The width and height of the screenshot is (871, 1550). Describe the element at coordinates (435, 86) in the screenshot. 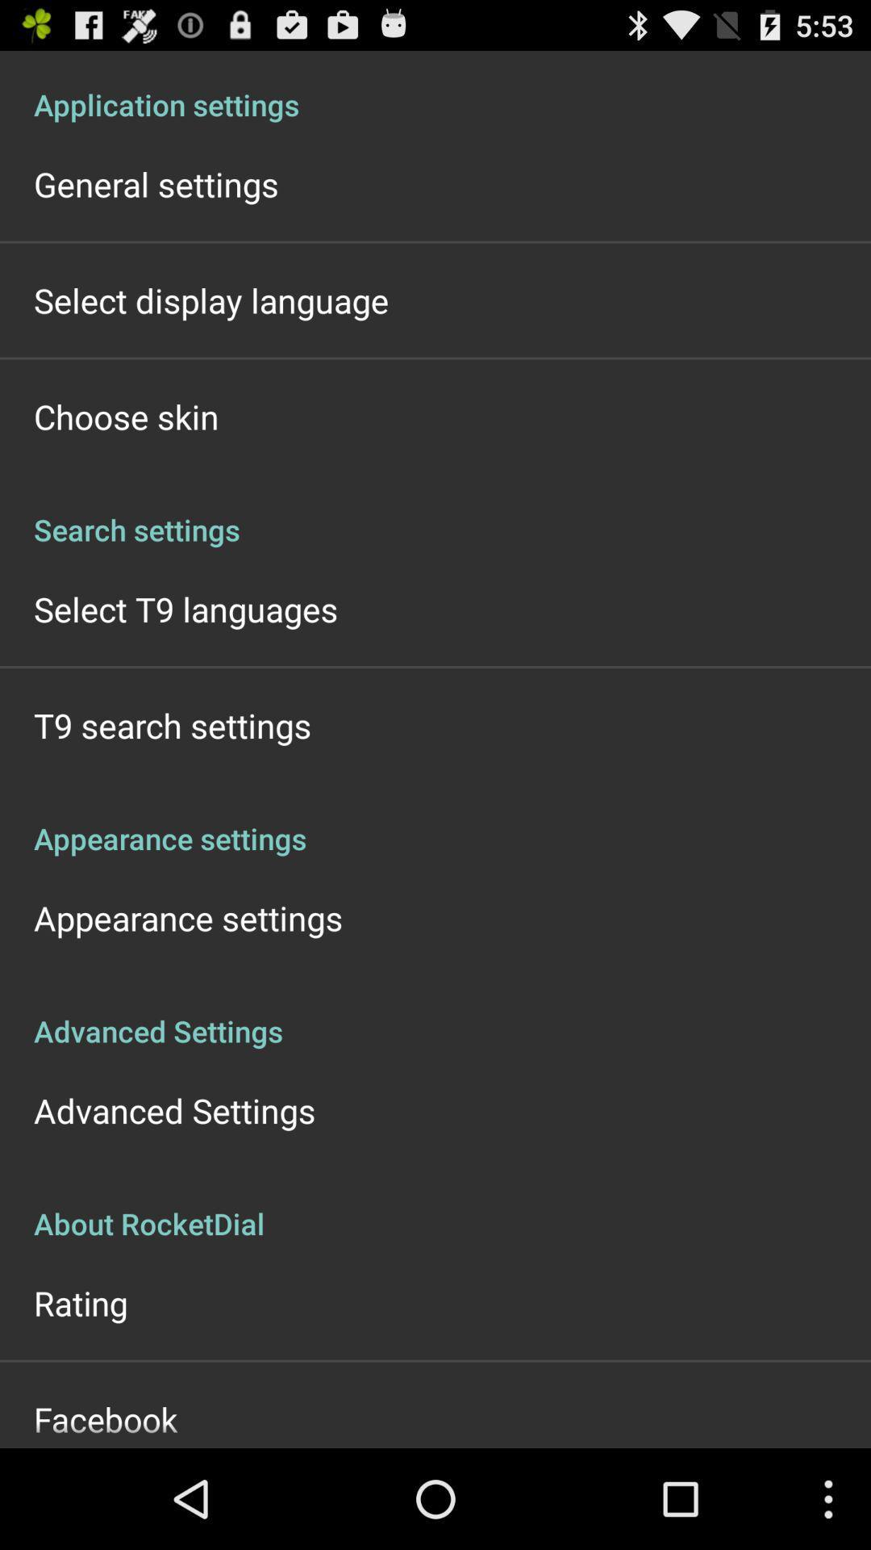

I see `app above the general settings icon` at that location.